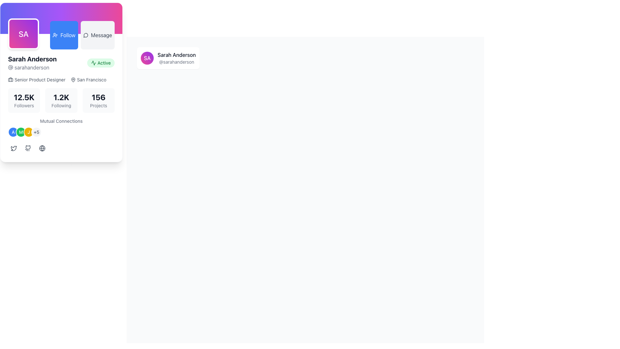  I want to click on the text label displaying the username or handle associated with 'Sarah Anderson', so click(177, 62).